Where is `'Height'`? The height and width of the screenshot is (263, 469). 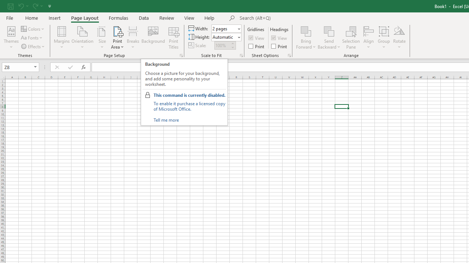 'Height' is located at coordinates (224, 37).